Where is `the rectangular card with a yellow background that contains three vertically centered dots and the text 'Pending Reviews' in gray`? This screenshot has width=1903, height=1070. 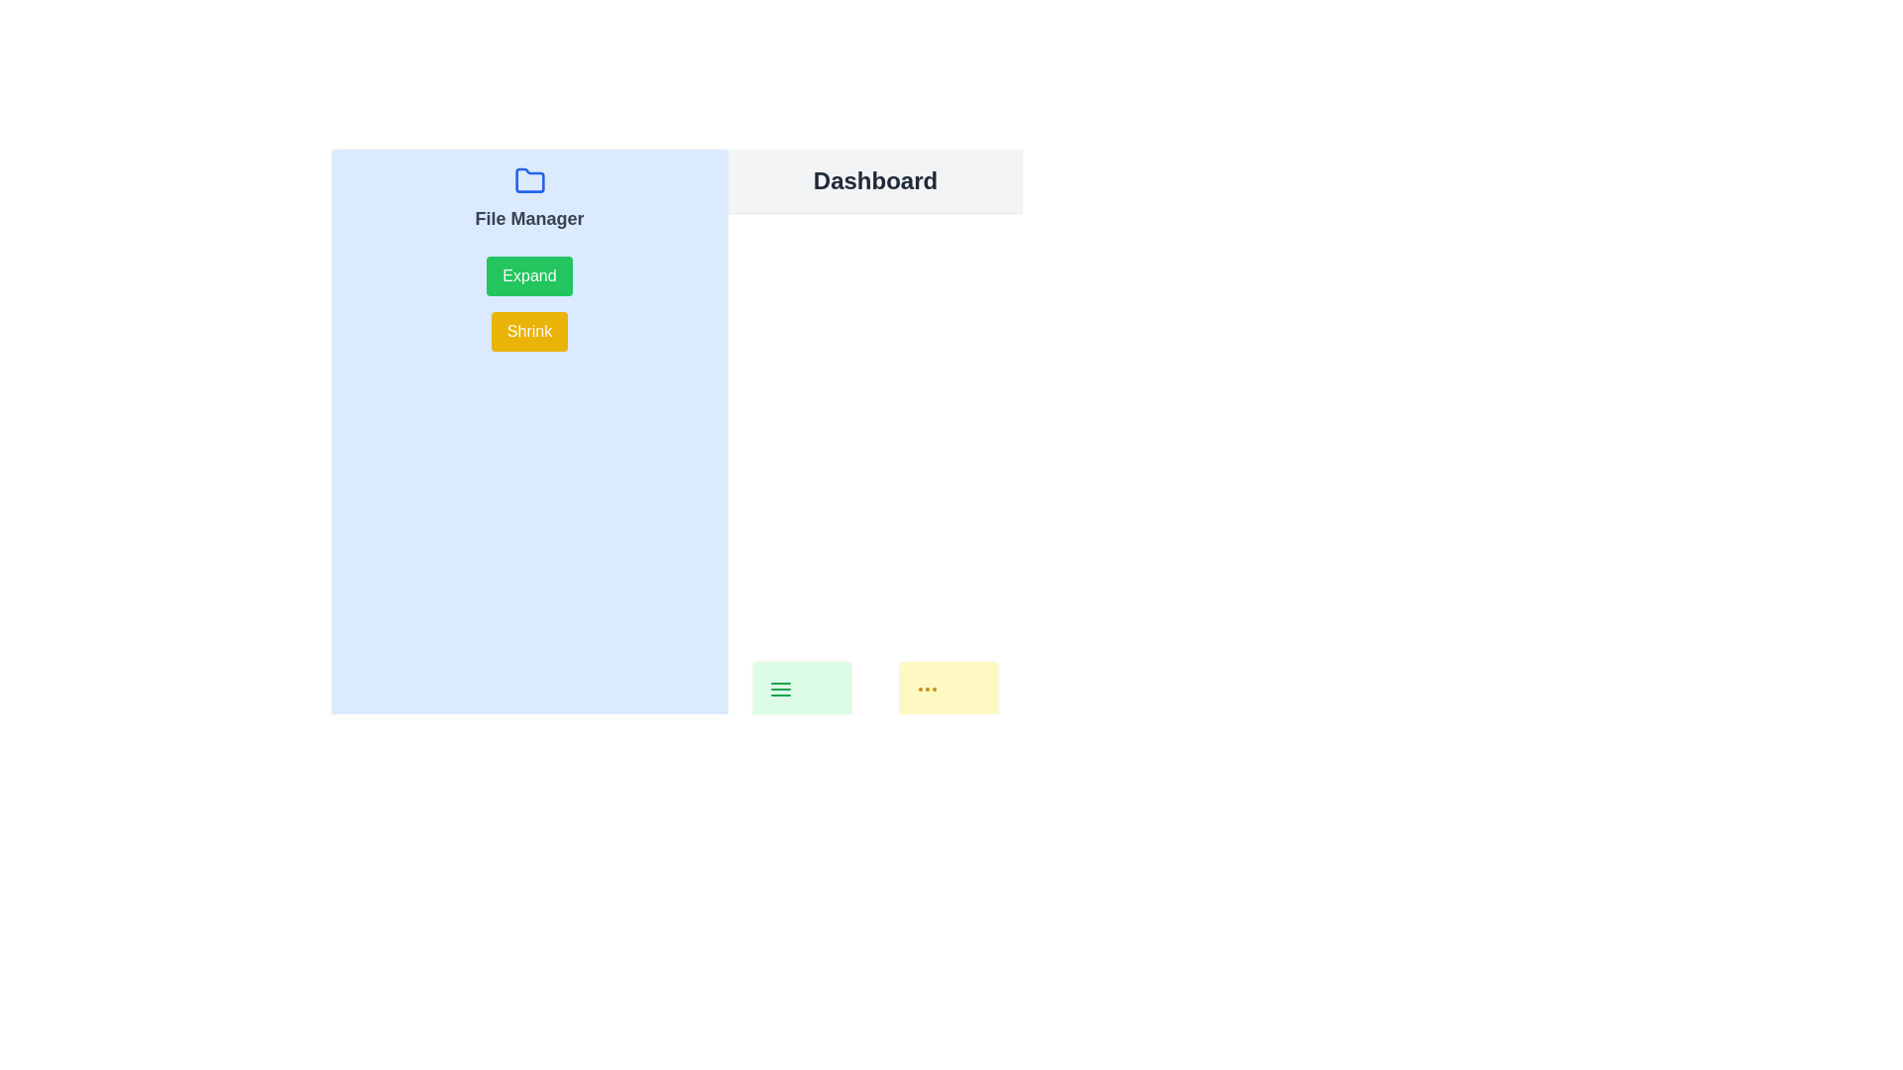 the rectangular card with a yellow background that contains three vertically centered dots and the text 'Pending Reviews' in gray is located at coordinates (948, 716).